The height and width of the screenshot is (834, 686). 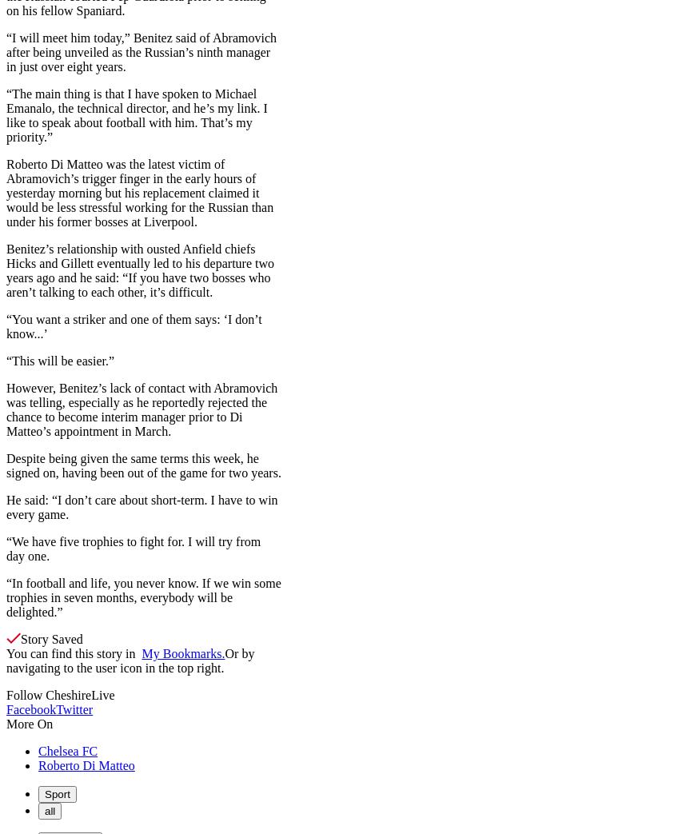 I want to click on 'He said: “I don’t care about short-term. I have to win every game.', so click(x=142, y=505).